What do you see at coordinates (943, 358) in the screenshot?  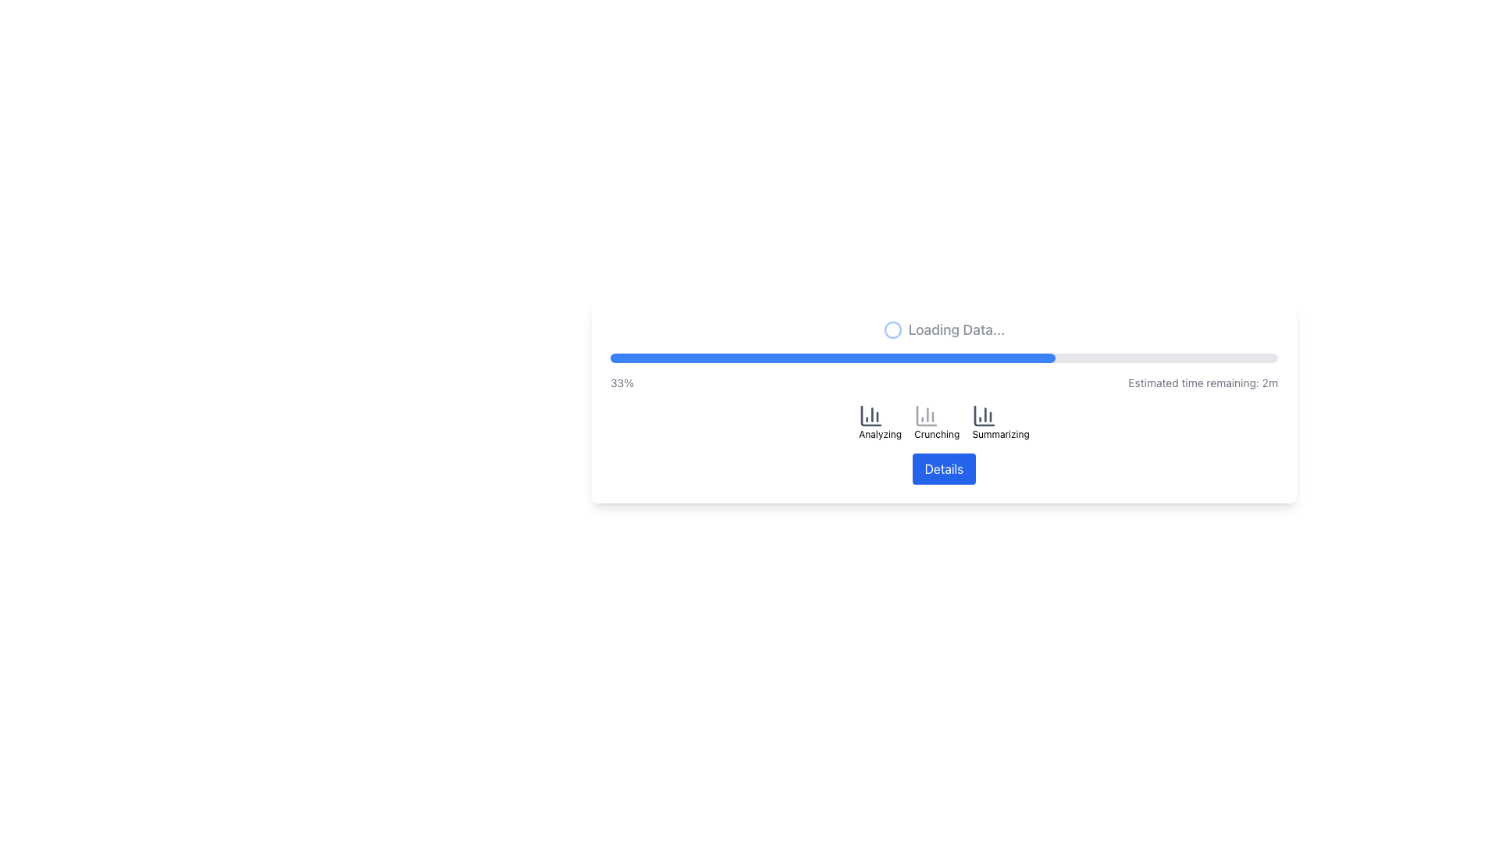 I see `the horizontal progress bar that indicates the progress of a process, which is filled approximately one-third with blue and located centrally below the 'Loading Data...' label` at bounding box center [943, 358].